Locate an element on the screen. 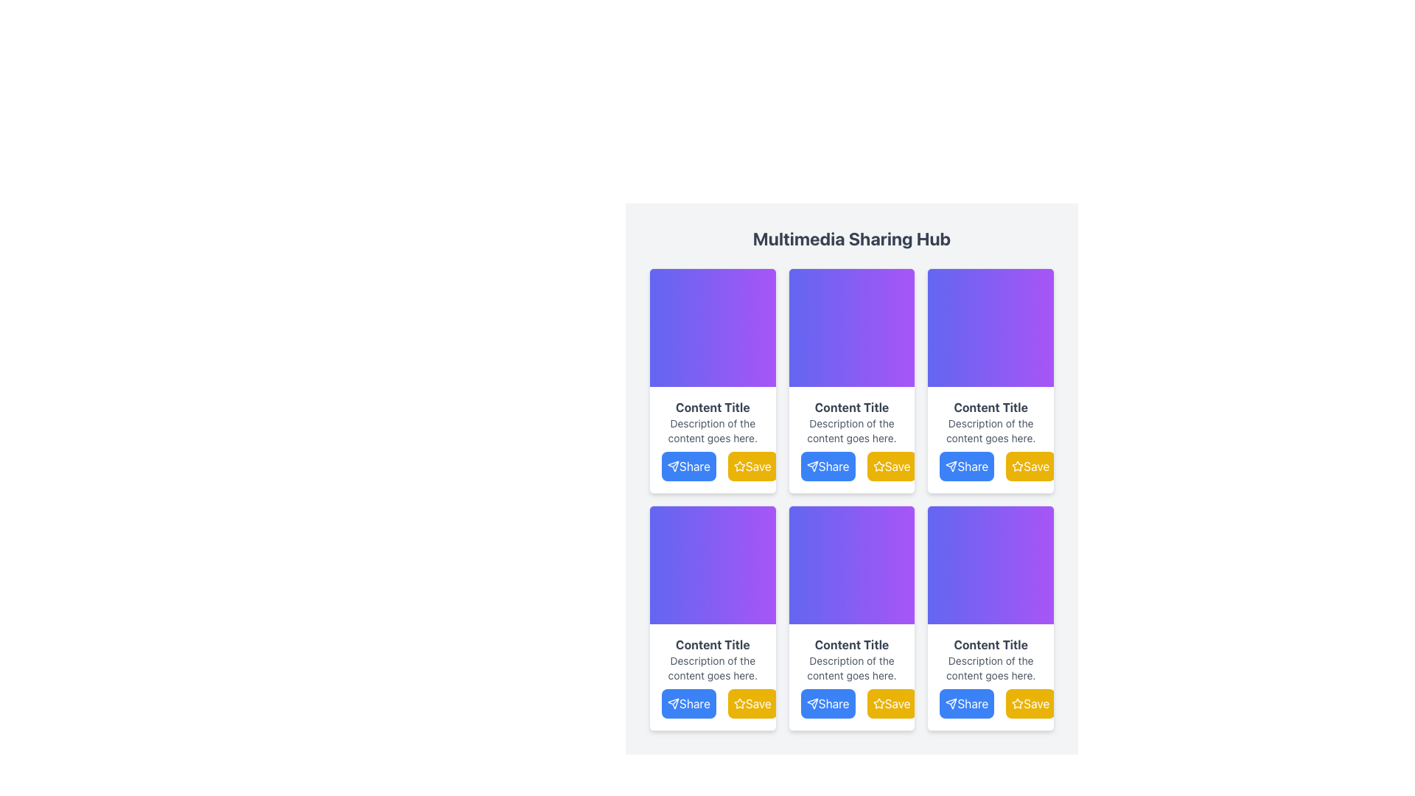 This screenshot has height=796, width=1415. the Static Text Label that displays additional information, located between the 'Content Title' and the options 'Share' and 'Save' in the third card of the bottom row is located at coordinates (852, 668).